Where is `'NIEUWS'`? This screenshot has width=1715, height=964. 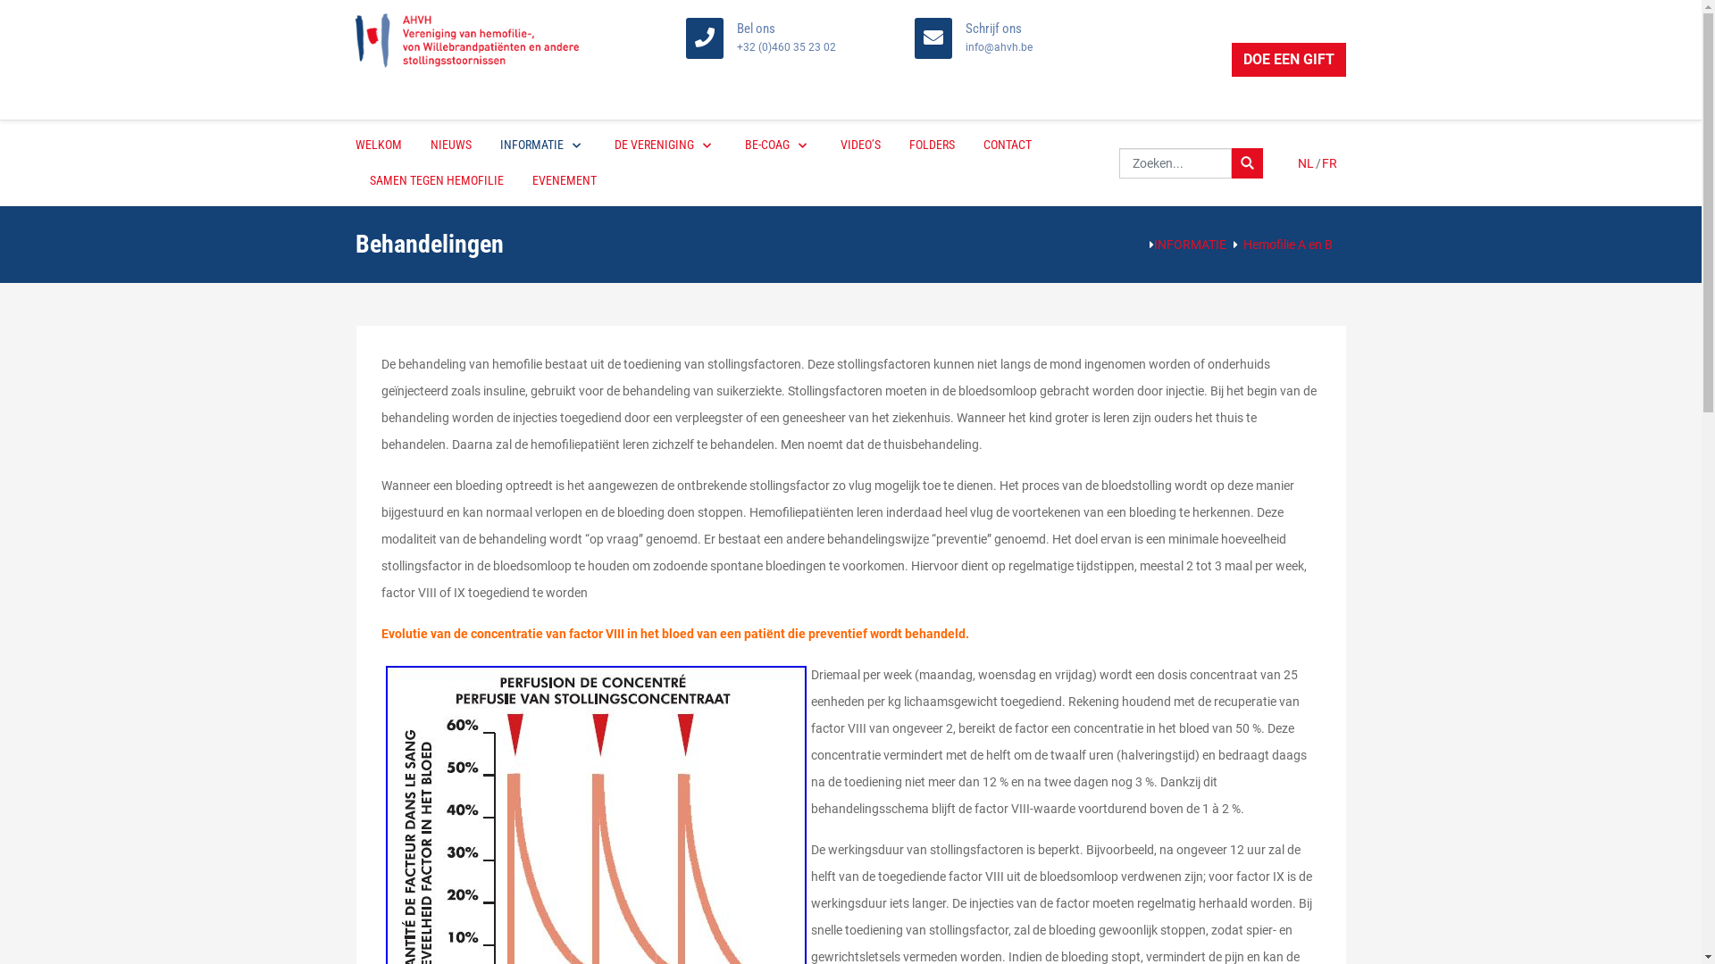
'NIEUWS' is located at coordinates (450, 144).